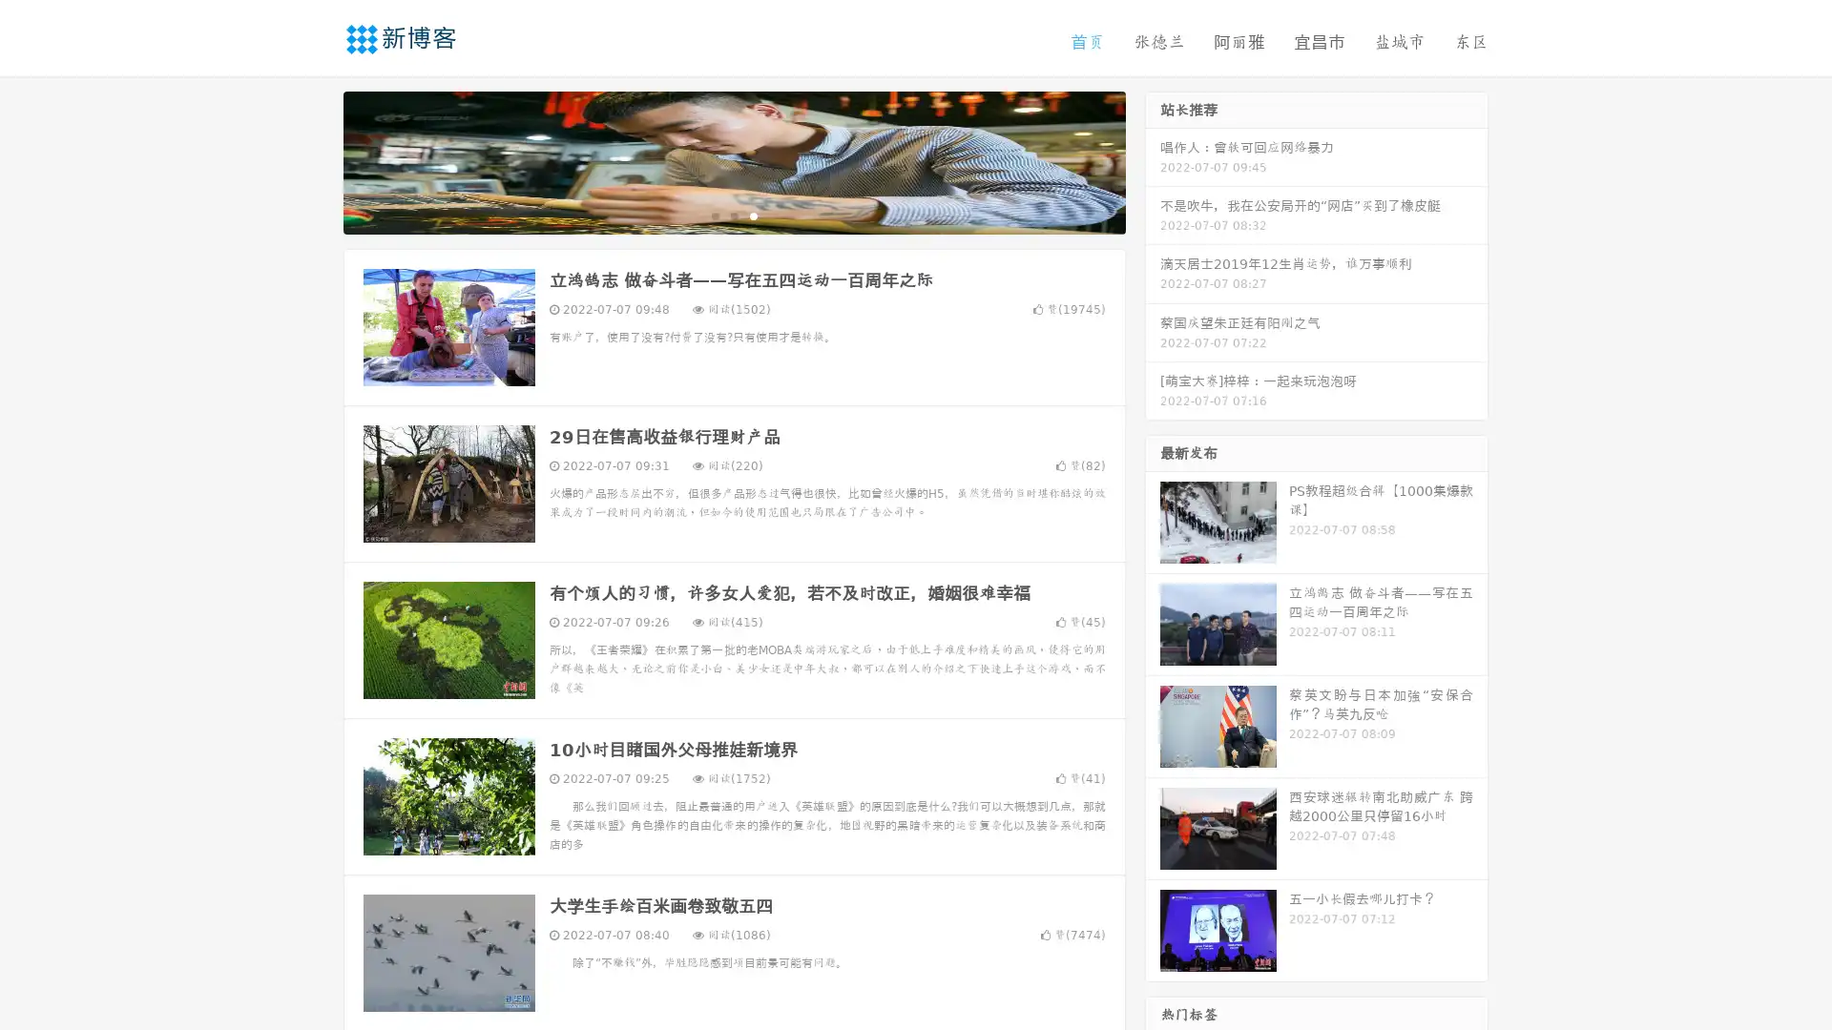 This screenshot has width=1832, height=1030. Describe the element at coordinates (753, 215) in the screenshot. I see `Go to slide 3` at that location.